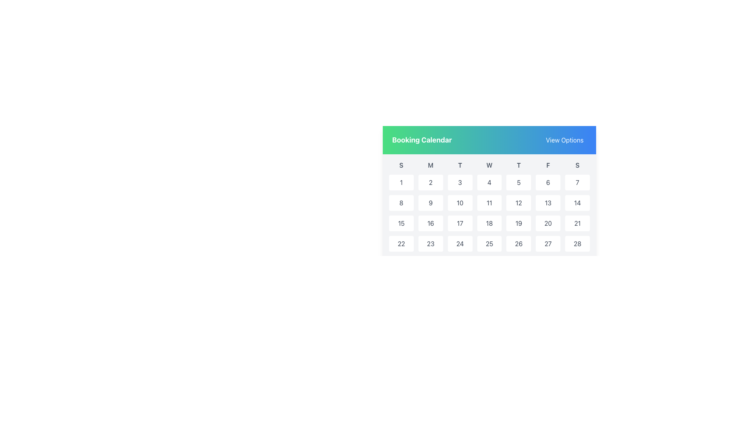 The width and height of the screenshot is (753, 424). What do you see at coordinates (460, 223) in the screenshot?
I see `on the calendar date label for the 17th in the calendar grid` at bounding box center [460, 223].